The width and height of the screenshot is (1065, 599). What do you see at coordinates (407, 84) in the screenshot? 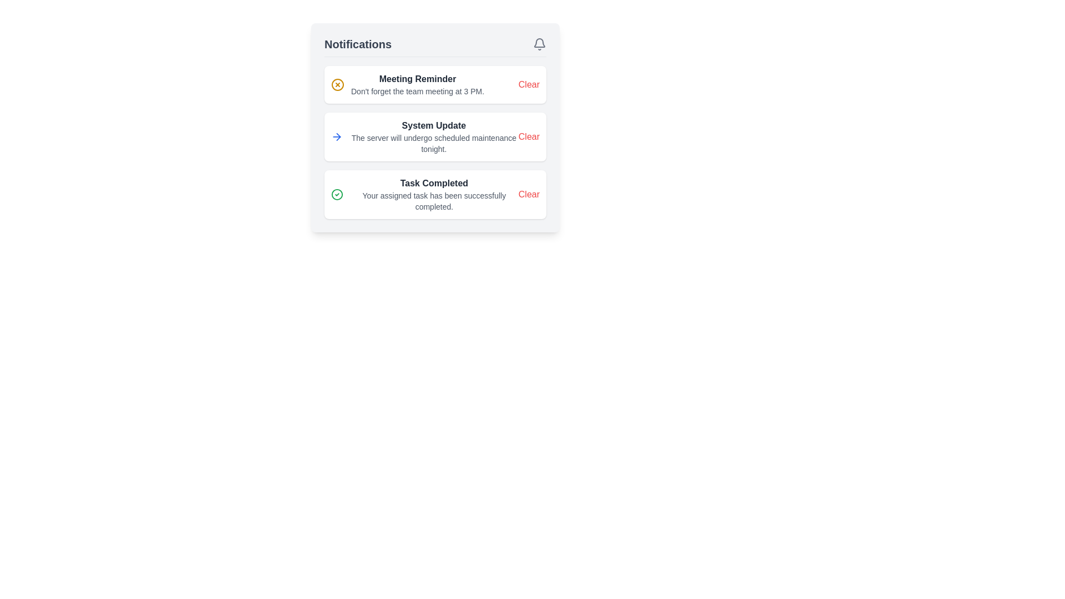
I see `the notification titled 'Meeting Reminder' which includes a yellow 'X' icon and description text underneath it` at bounding box center [407, 84].